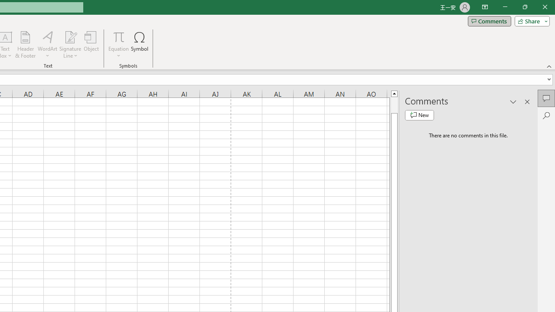 This screenshot has height=312, width=555. Describe the element at coordinates (47, 45) in the screenshot. I see `'WordArt'` at that location.